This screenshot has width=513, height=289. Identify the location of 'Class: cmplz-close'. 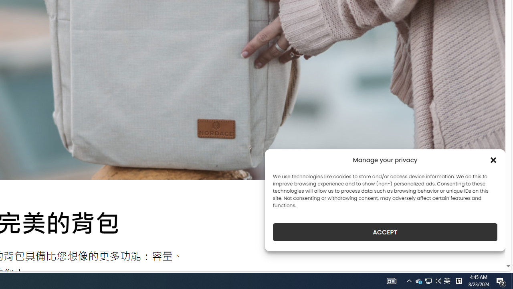
(493, 160).